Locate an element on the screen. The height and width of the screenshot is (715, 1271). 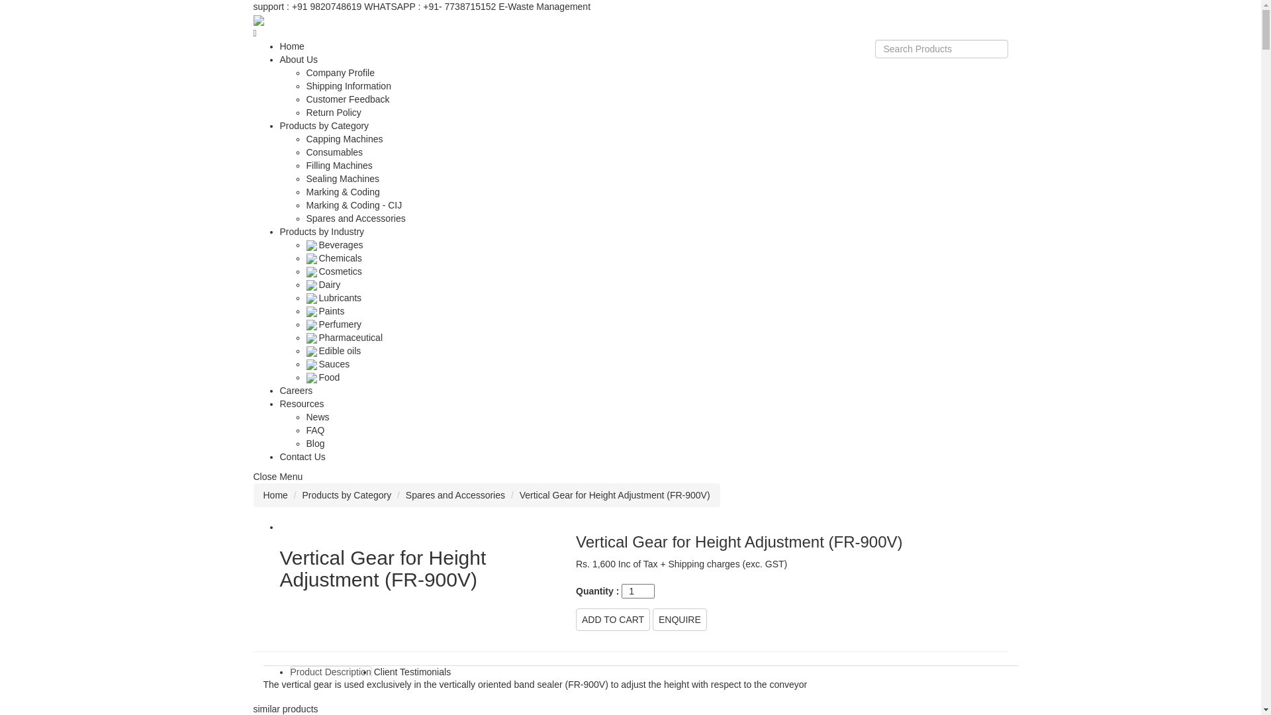
'Sealing Machines' is located at coordinates (342, 179).